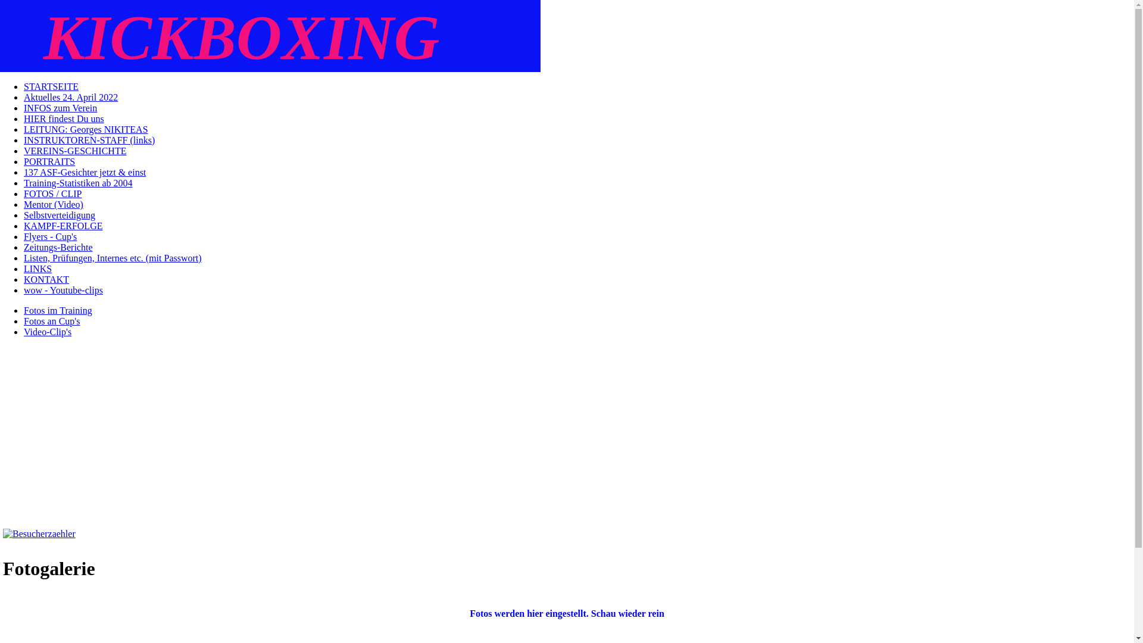  I want to click on 'INFOS zum Verein', so click(60, 108).